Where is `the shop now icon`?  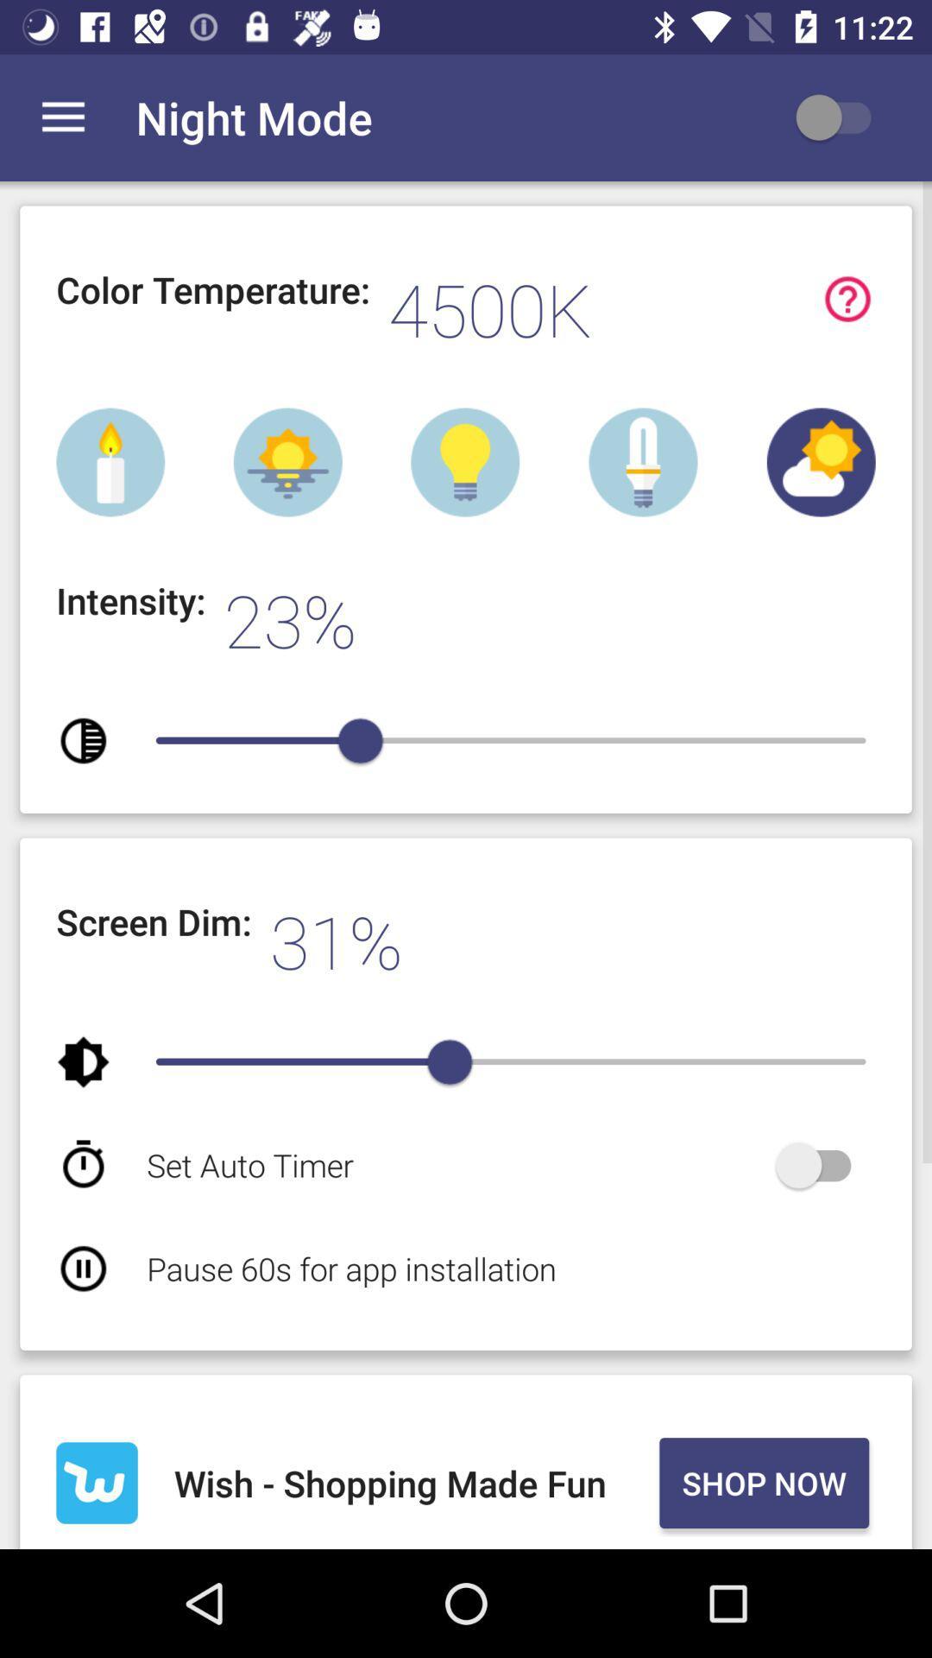 the shop now icon is located at coordinates (763, 1482).